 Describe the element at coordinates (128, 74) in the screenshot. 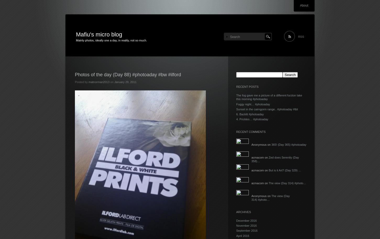

I see `'Photos of the day (Day 88) #photoaday #bw #ilford'` at that location.